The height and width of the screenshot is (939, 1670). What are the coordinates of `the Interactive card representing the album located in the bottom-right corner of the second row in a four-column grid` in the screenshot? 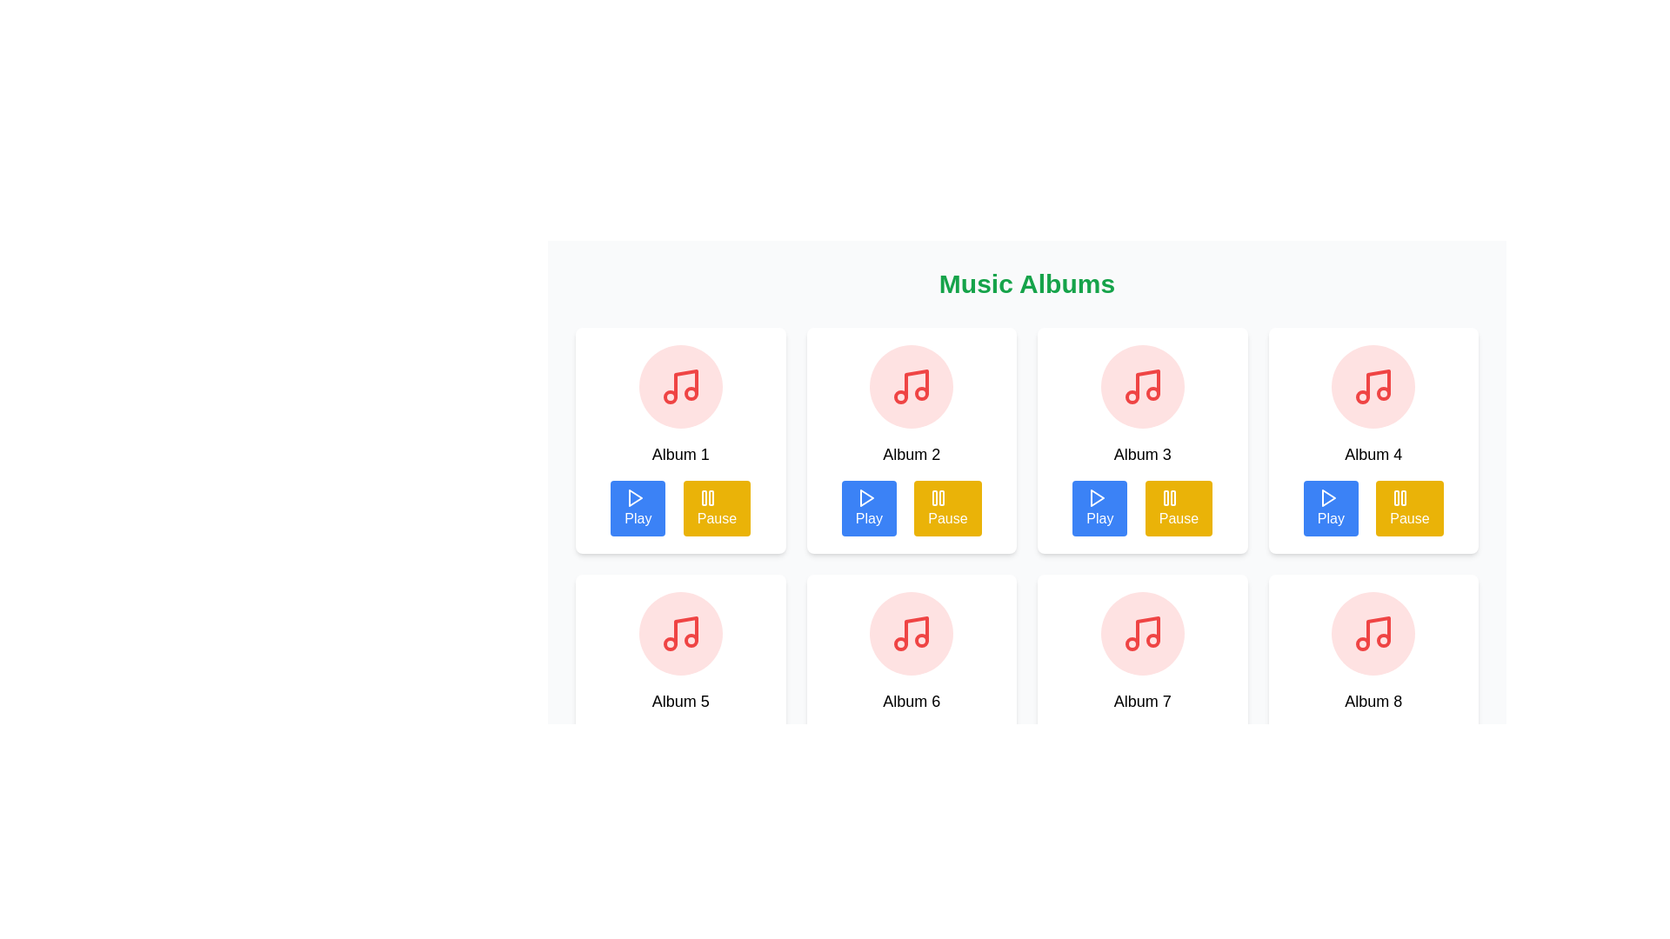 It's located at (1373, 686).